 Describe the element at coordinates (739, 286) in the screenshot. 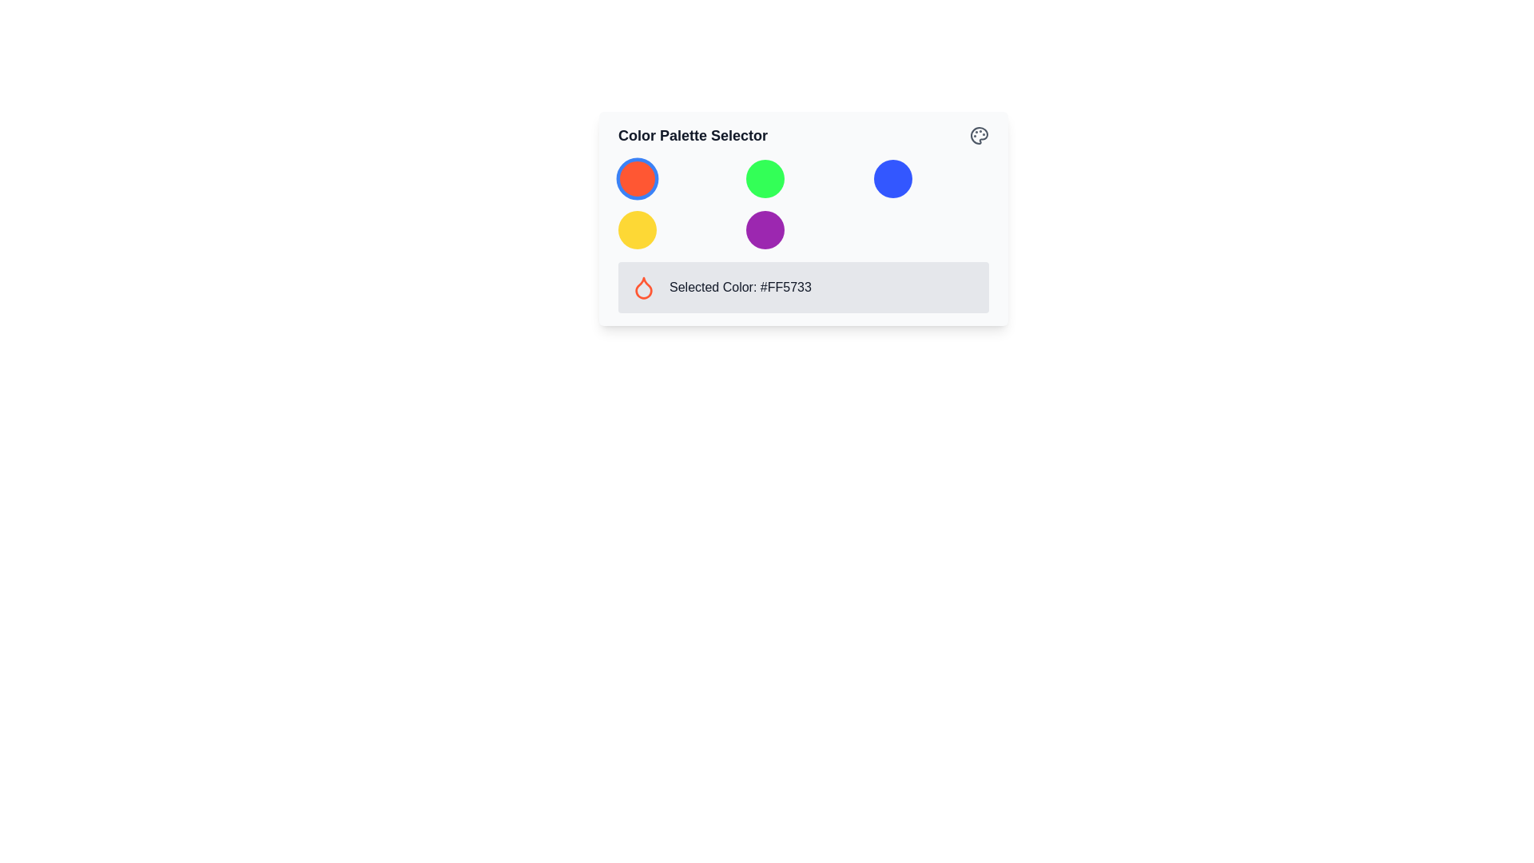

I see `the informational text label displaying 'Selected Color: #FF5733'` at that location.